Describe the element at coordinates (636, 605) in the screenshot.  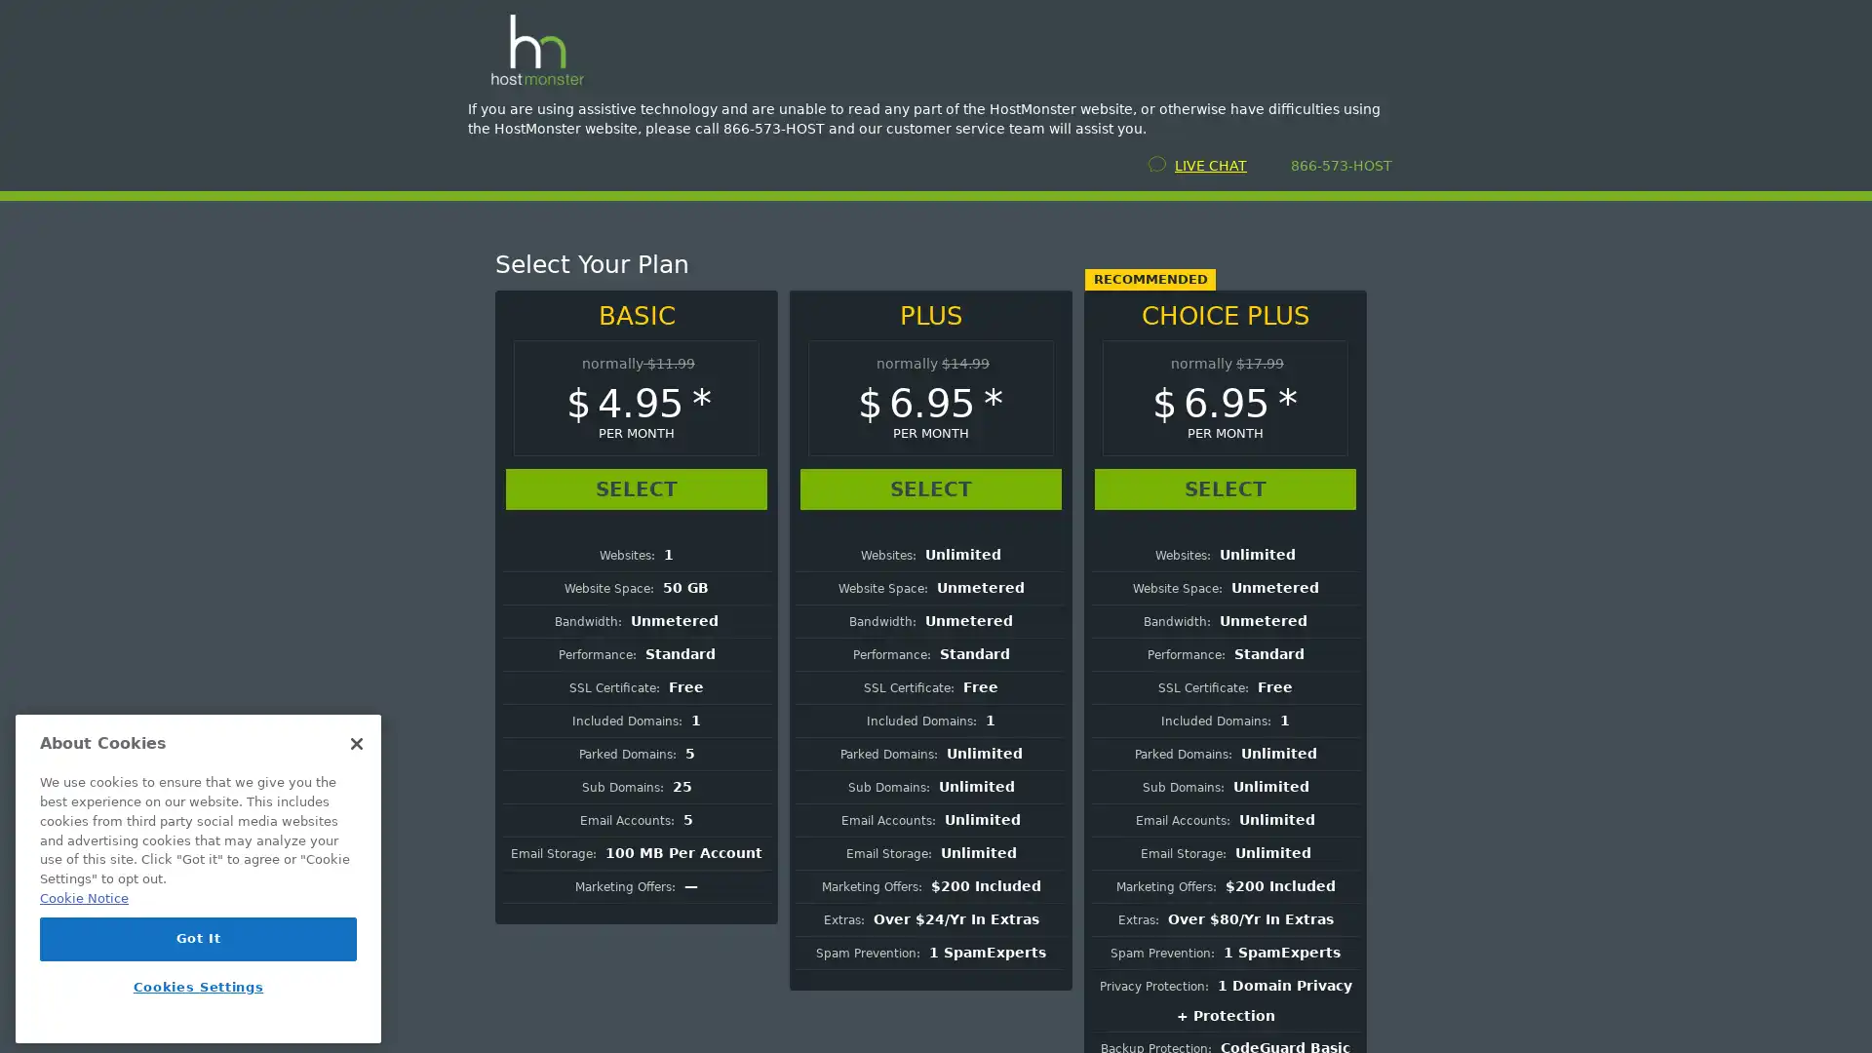
I see `BASIC normally $11.99 $4.95 * PER MONTH SELECT Websites: 1 Website Space: 50 GB Bandwidth: Unmetered Performance: Standard SSL Certificate: Free Included Domains: 1 Parked Domains: 5 Sub Domains: 25 Email Accounts: 5 Email Storage: 100 MB Per Account Marketing Offers:` at that location.